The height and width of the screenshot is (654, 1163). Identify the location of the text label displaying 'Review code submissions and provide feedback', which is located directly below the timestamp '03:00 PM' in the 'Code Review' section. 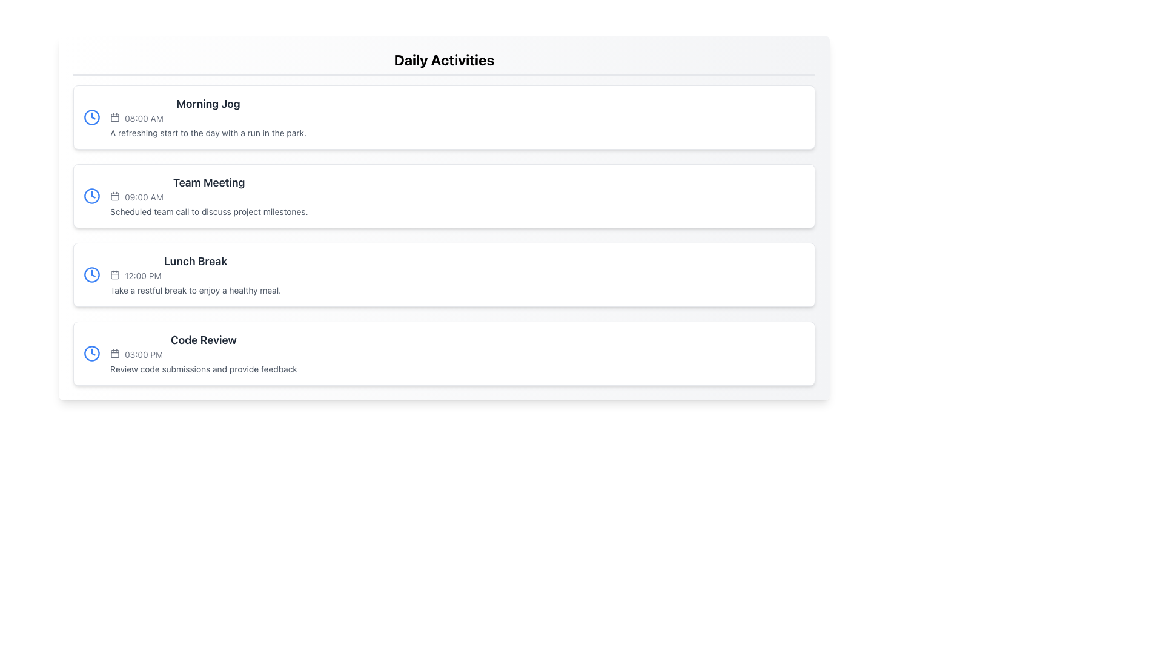
(204, 368).